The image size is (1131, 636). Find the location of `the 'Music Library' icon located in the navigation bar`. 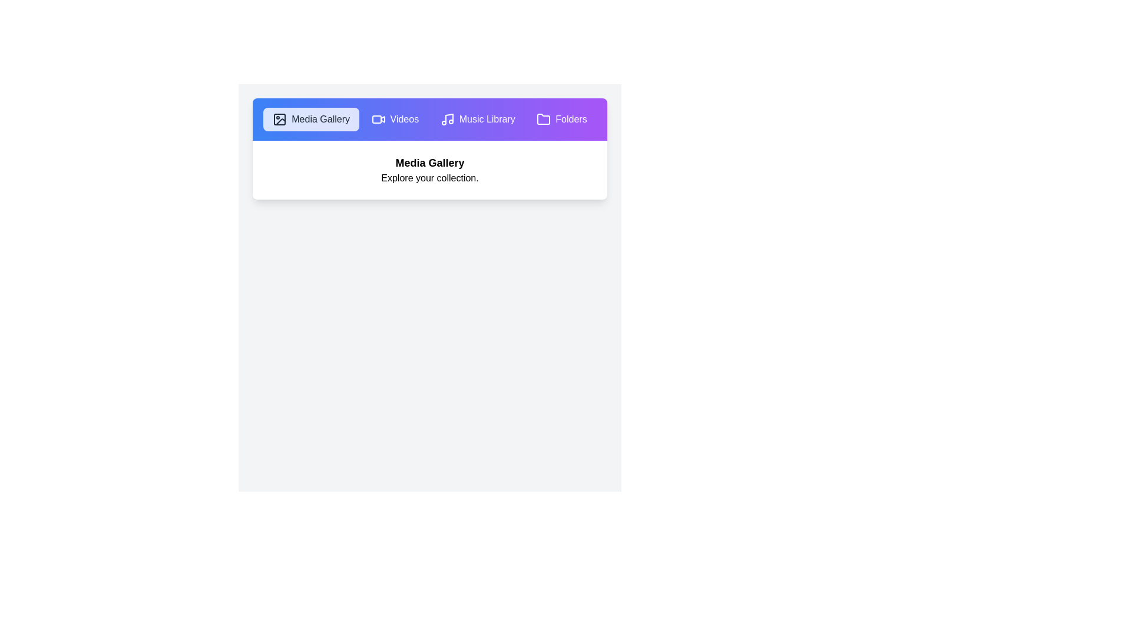

the 'Music Library' icon located in the navigation bar is located at coordinates (447, 120).